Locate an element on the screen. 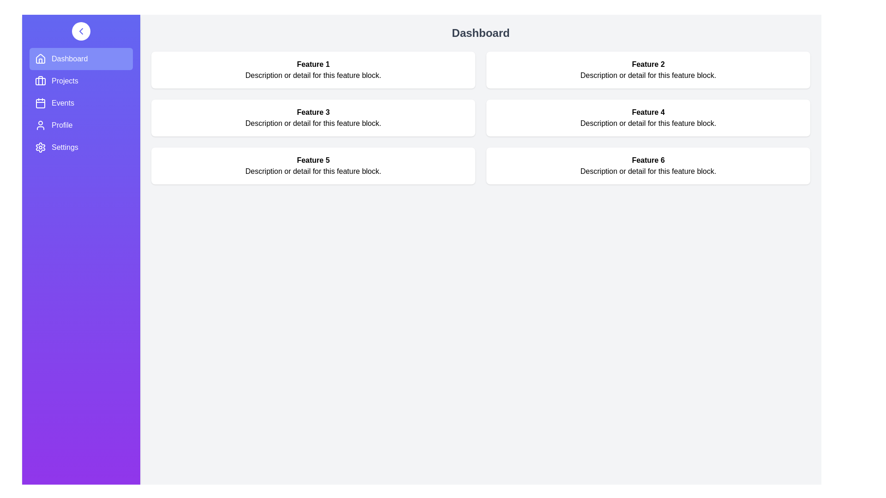 Image resolution: width=886 pixels, height=498 pixels. the navigation menu item Projects is located at coordinates (81, 81).